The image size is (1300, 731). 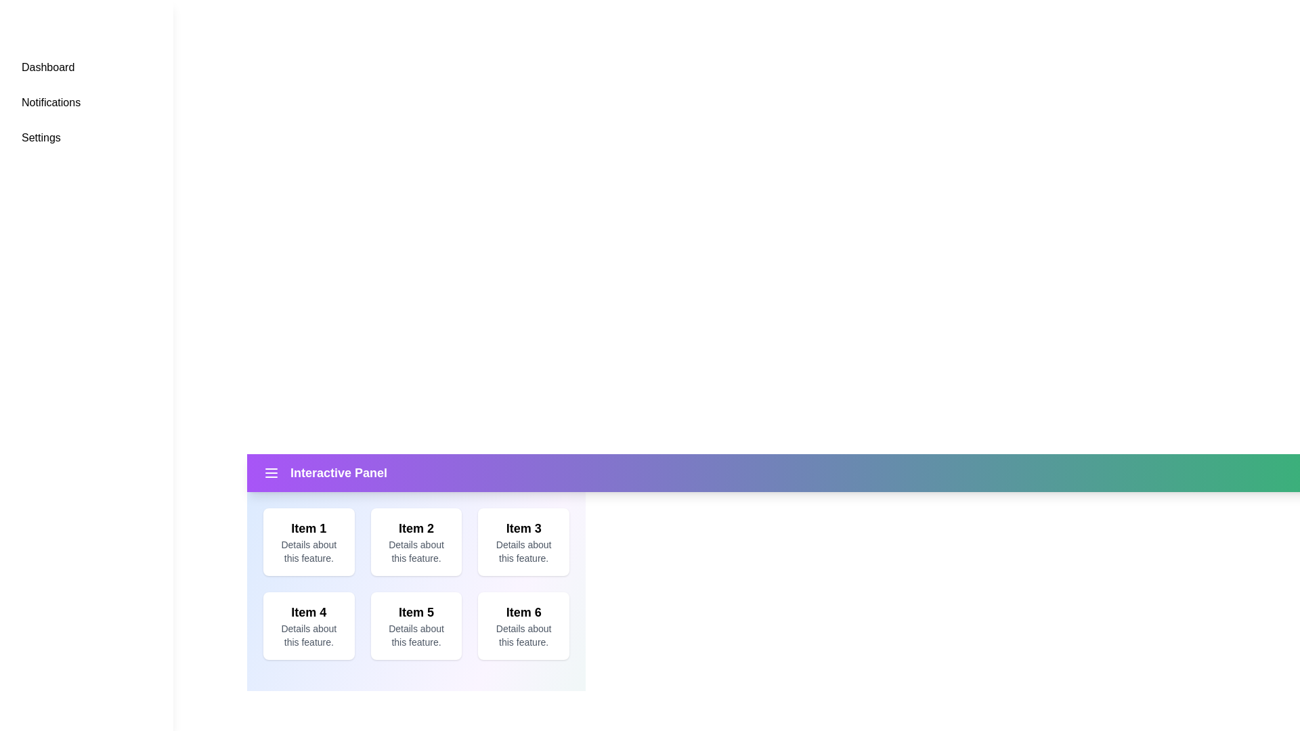 What do you see at coordinates (415, 626) in the screenshot?
I see `the Feature card located in the second row, middle column of the grid layout, which contains a title and description for a specific feature or item` at bounding box center [415, 626].